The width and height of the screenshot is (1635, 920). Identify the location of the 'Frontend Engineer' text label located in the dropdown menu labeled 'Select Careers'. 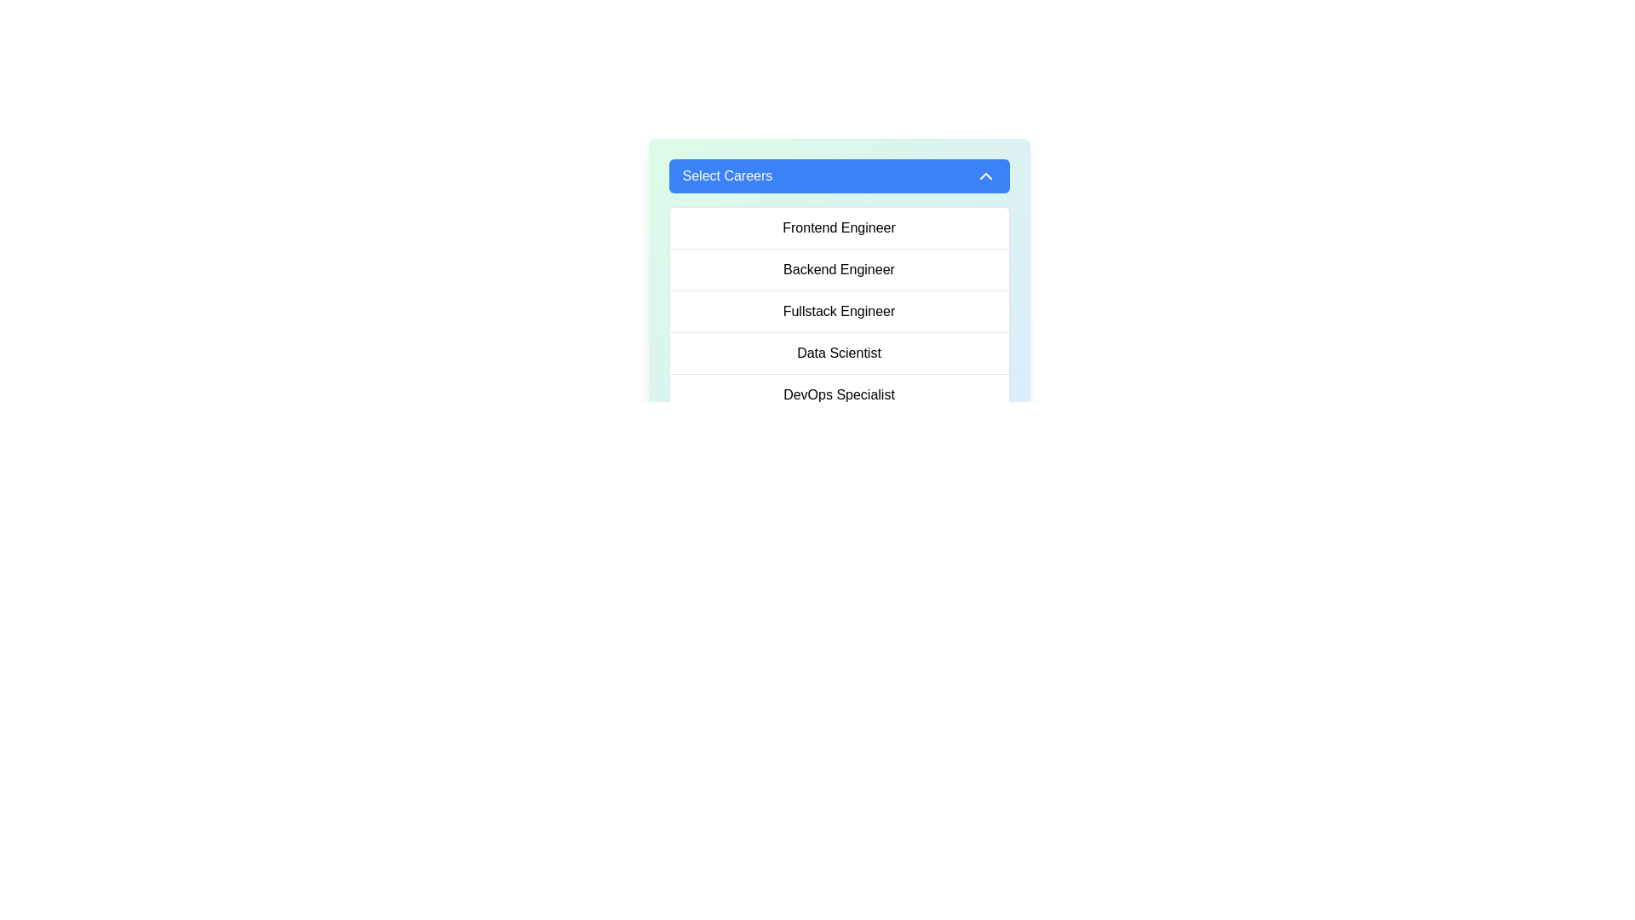
(839, 227).